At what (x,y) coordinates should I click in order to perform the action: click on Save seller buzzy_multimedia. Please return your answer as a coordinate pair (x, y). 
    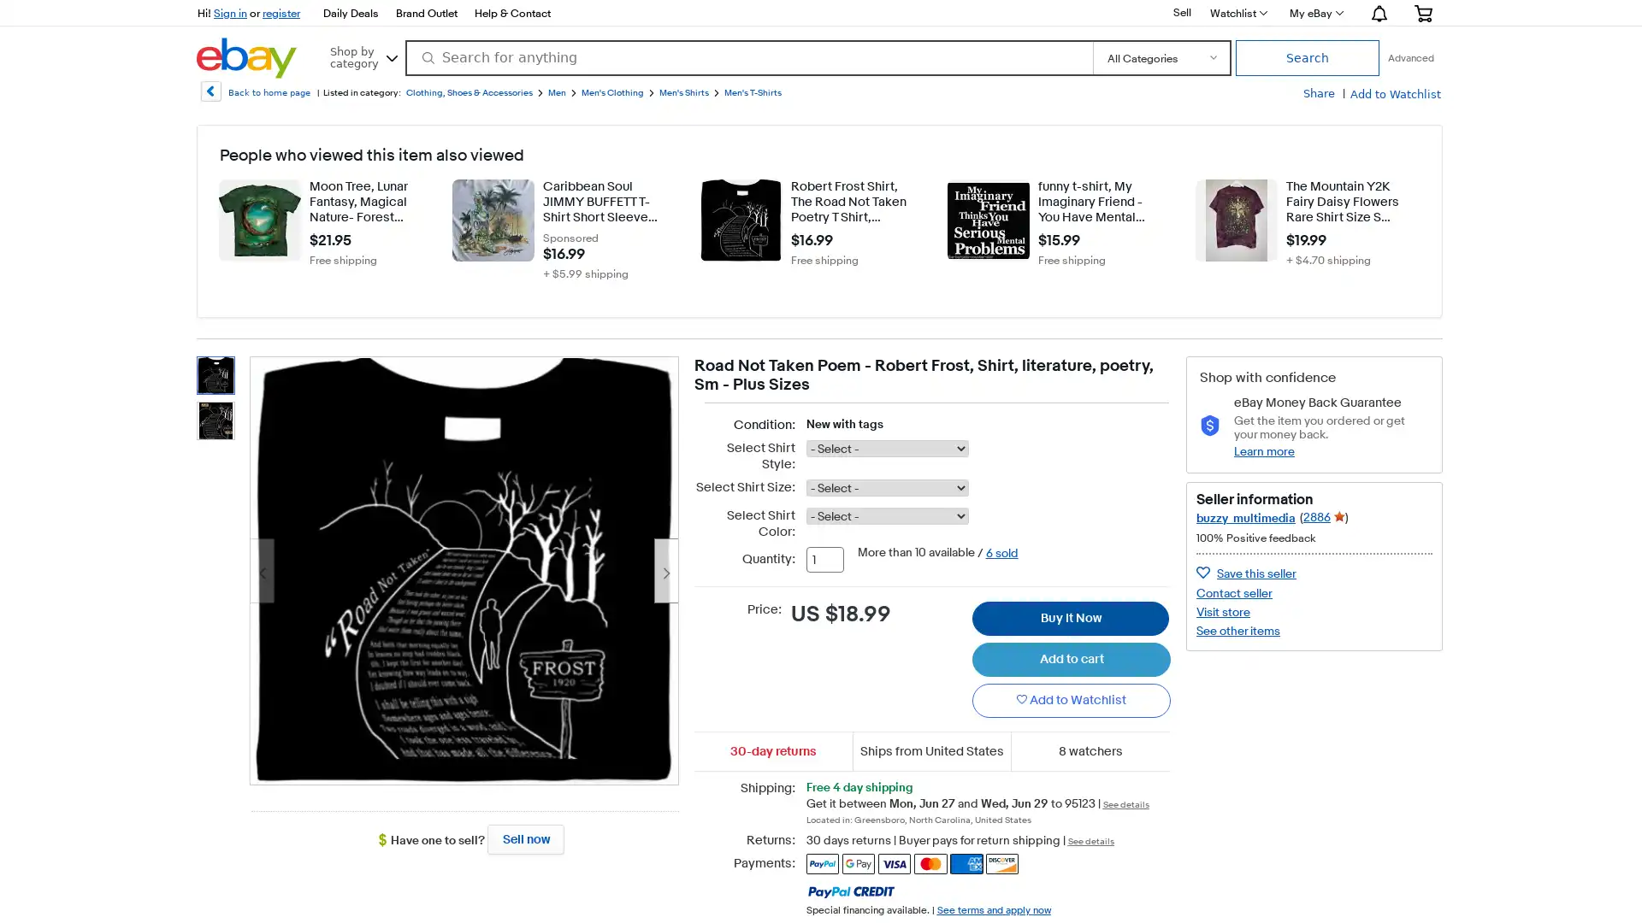
    Looking at the image, I should click on (1251, 572).